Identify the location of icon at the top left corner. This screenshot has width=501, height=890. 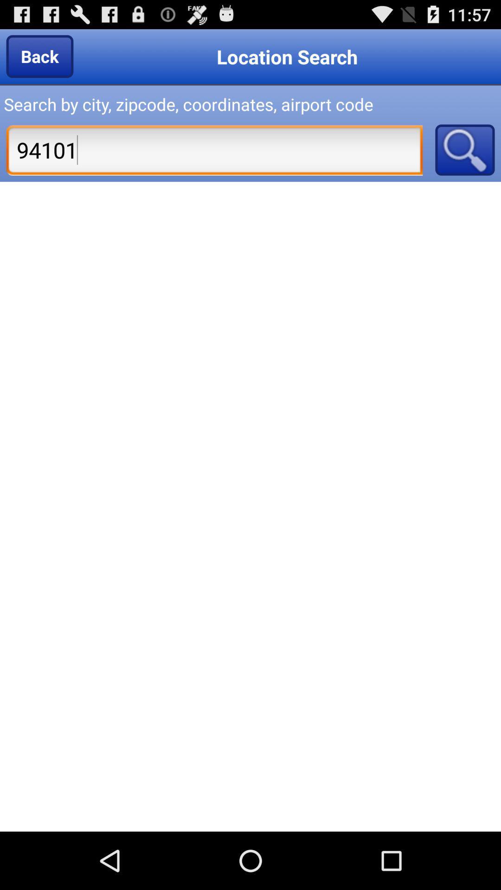
(39, 56).